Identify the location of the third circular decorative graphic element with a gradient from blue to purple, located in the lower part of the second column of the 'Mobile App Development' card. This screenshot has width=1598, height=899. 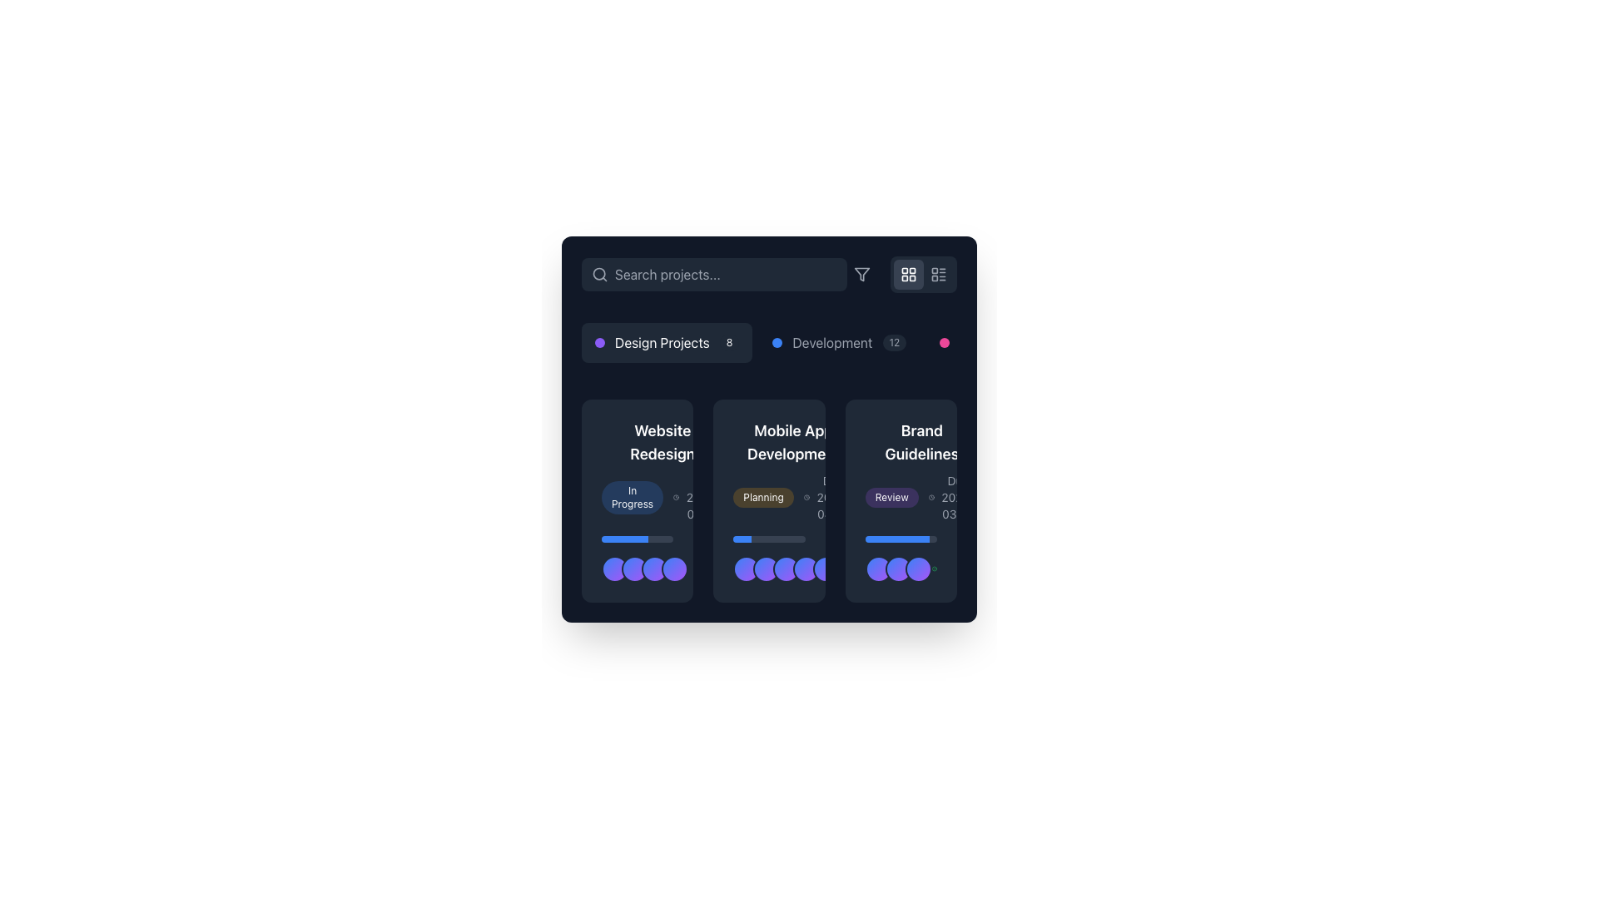
(786, 568).